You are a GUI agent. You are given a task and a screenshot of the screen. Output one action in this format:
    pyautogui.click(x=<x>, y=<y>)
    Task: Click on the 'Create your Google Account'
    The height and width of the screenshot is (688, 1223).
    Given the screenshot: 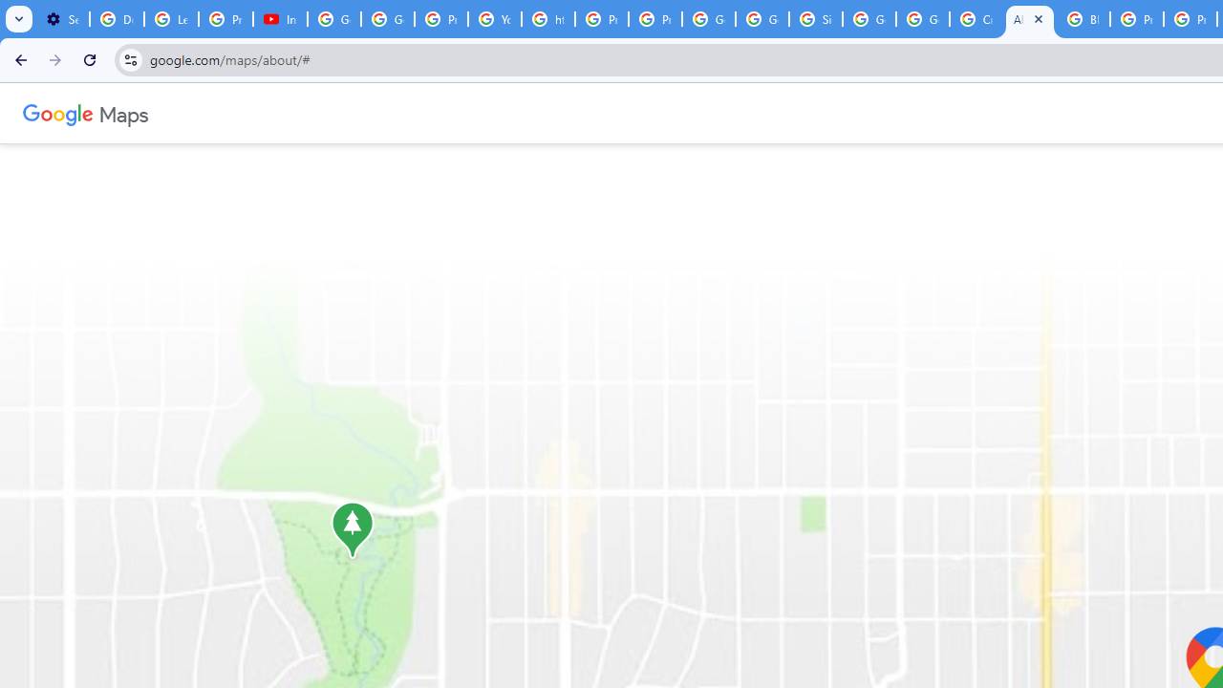 What is the action you would take?
    pyautogui.click(x=976, y=19)
    